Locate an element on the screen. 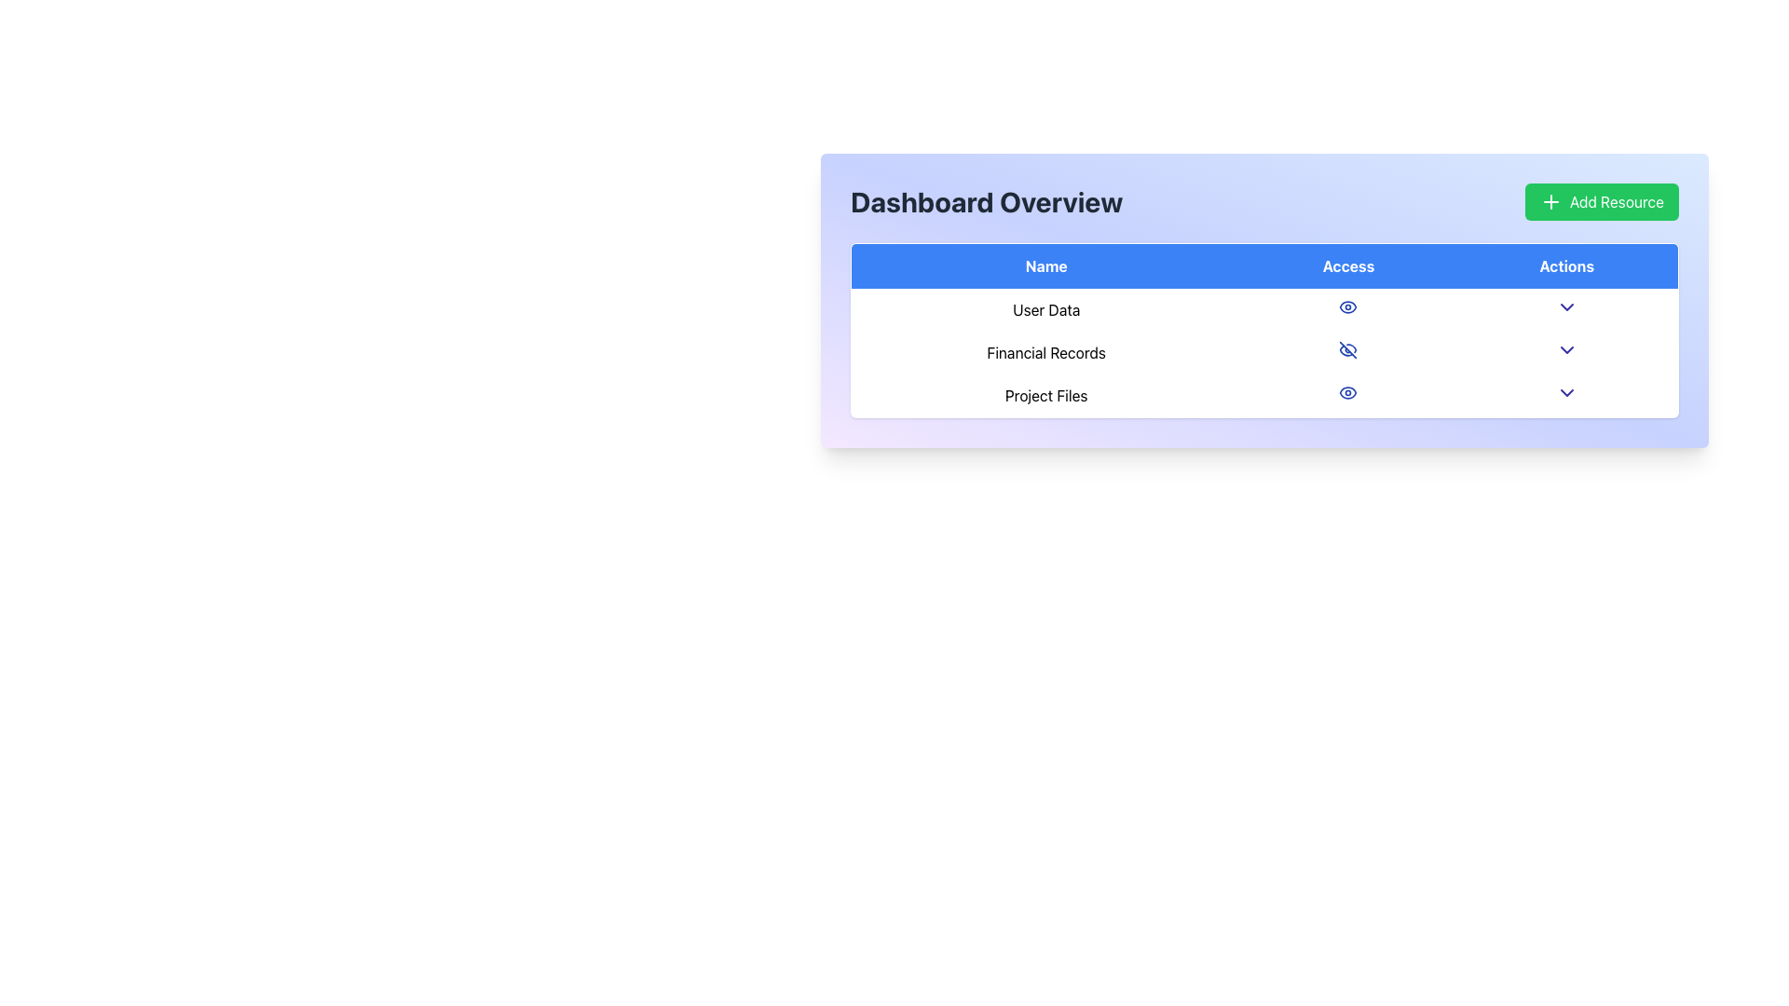 The height and width of the screenshot is (1006, 1789). the Dropdown trigger button (Chevron icon) located in the third column labeled 'Actions' in the first row of the table is located at coordinates (1565, 306).